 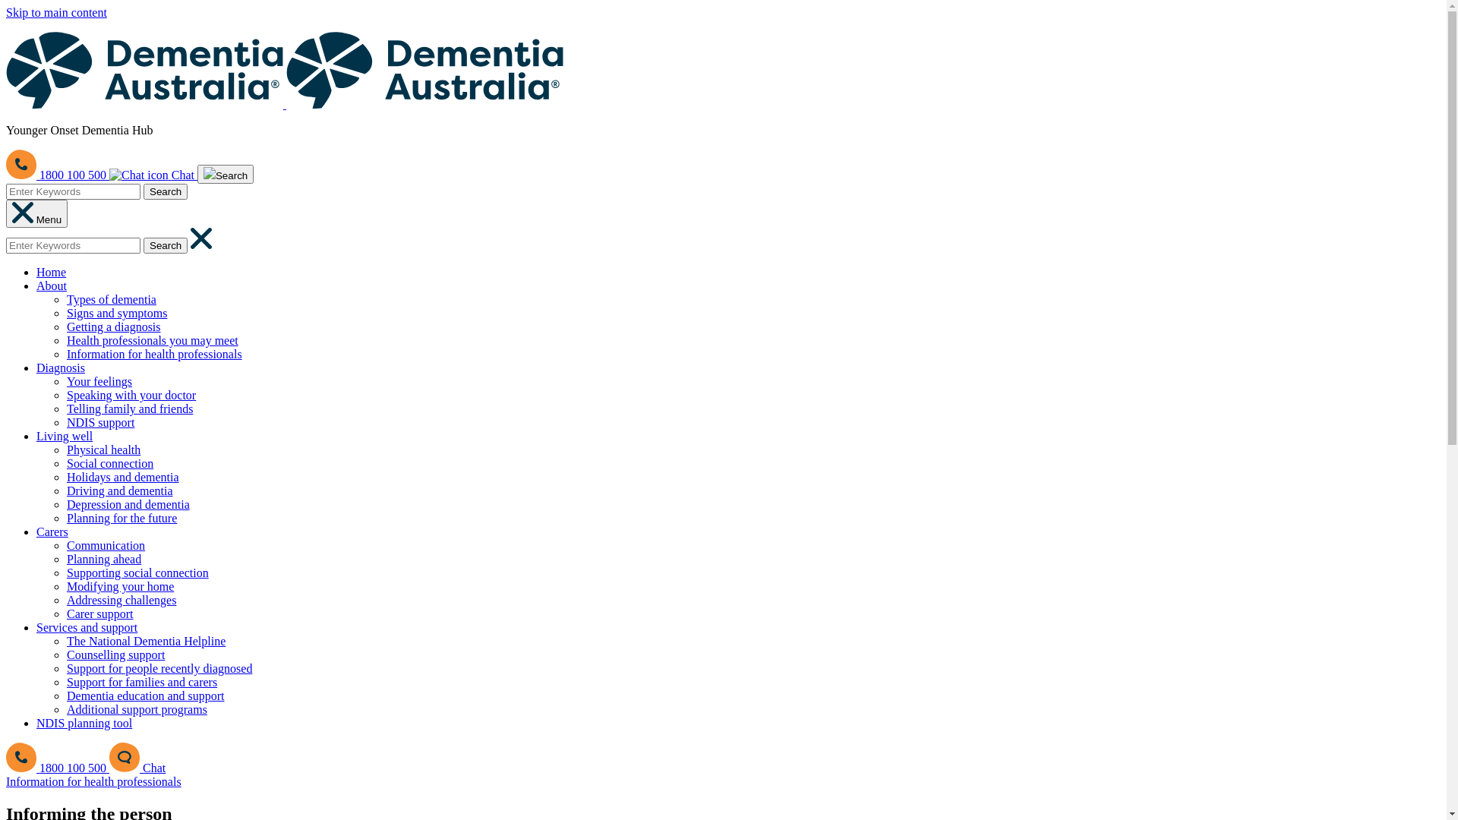 What do you see at coordinates (103, 559) in the screenshot?
I see `'Planning ahead'` at bounding box center [103, 559].